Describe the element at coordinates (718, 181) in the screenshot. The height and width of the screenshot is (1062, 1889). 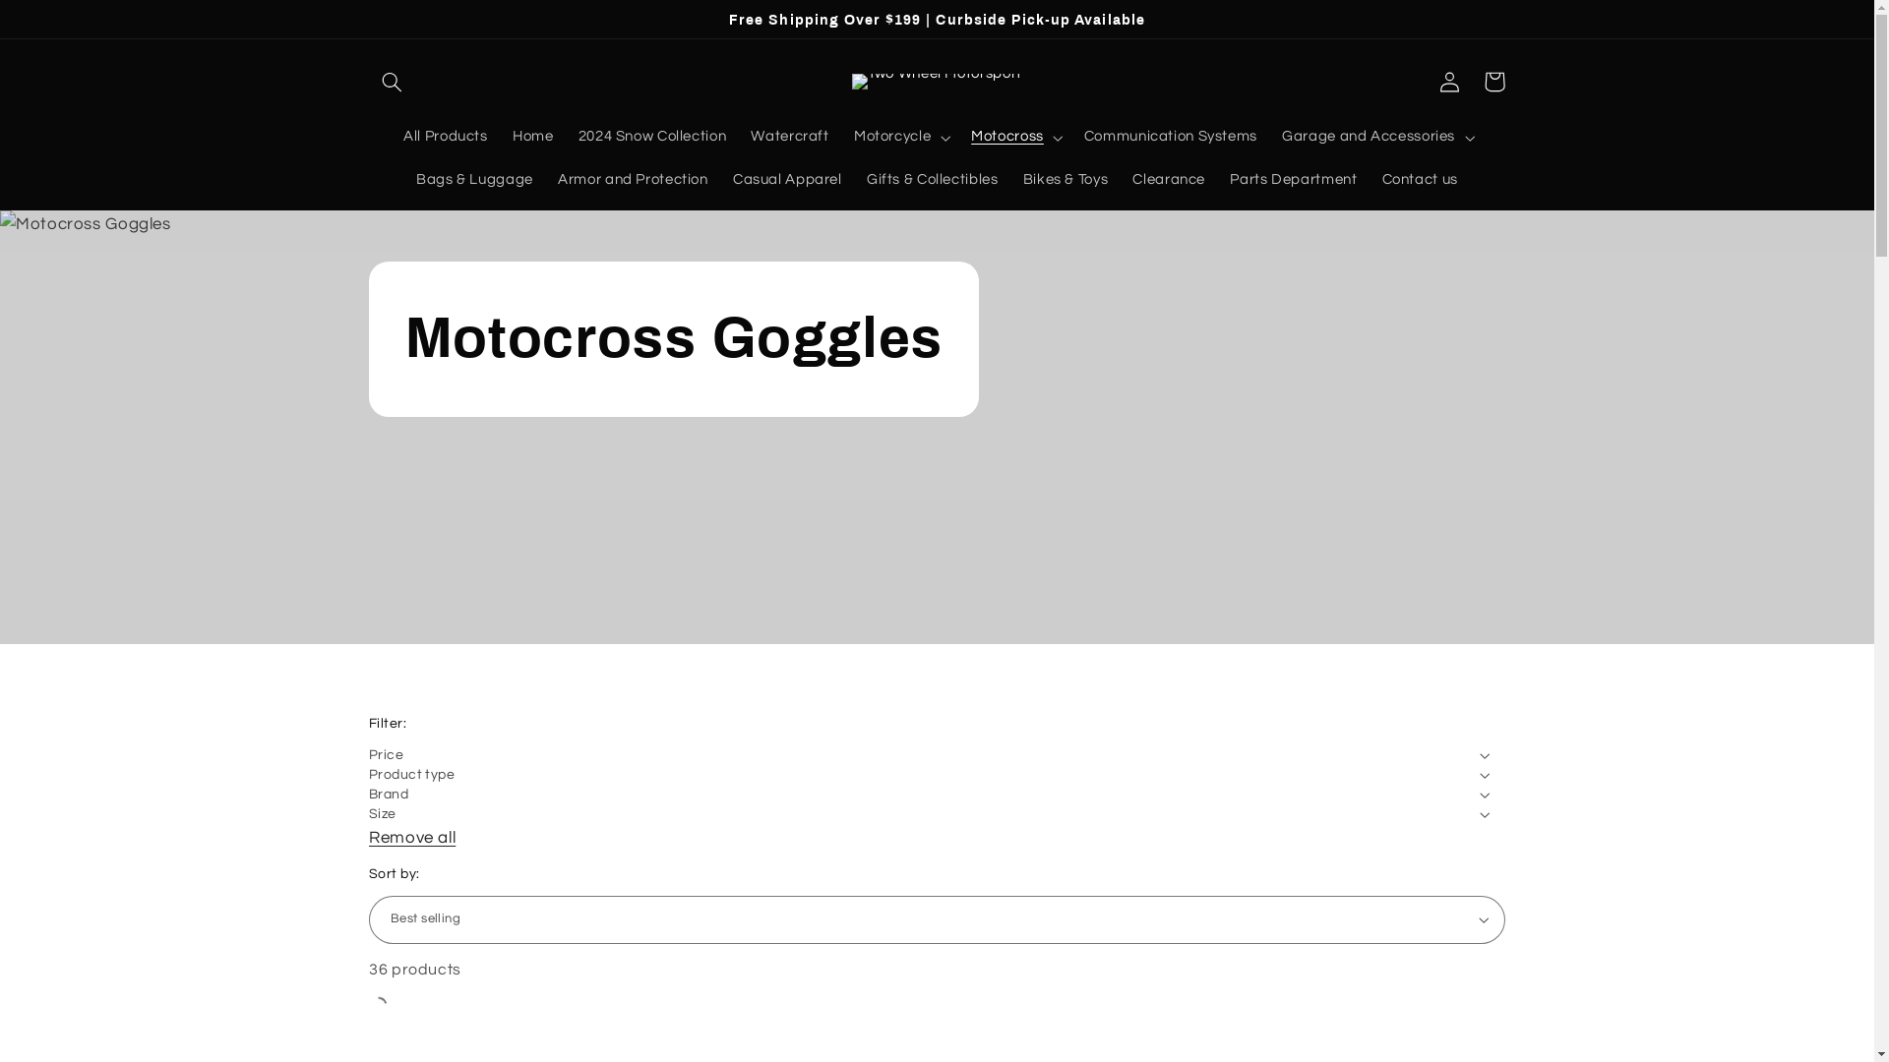
I see `'Casual Apparel'` at that location.